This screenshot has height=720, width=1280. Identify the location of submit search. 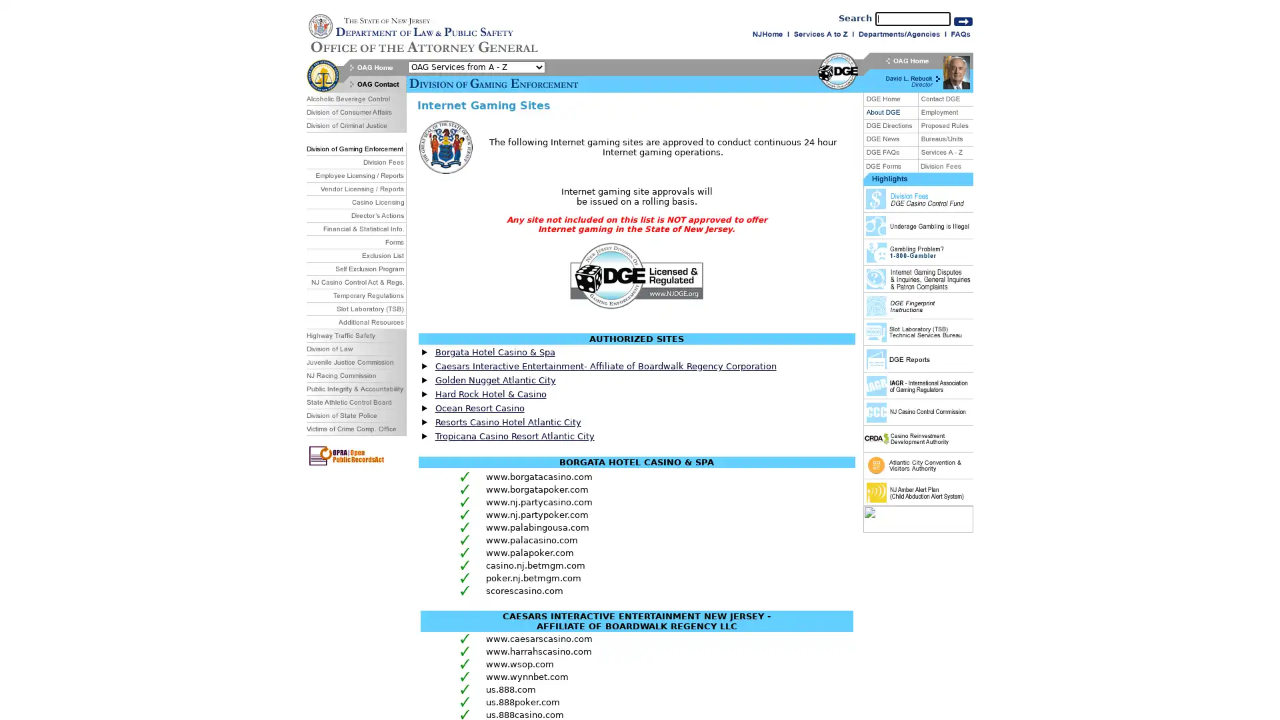
(963, 21).